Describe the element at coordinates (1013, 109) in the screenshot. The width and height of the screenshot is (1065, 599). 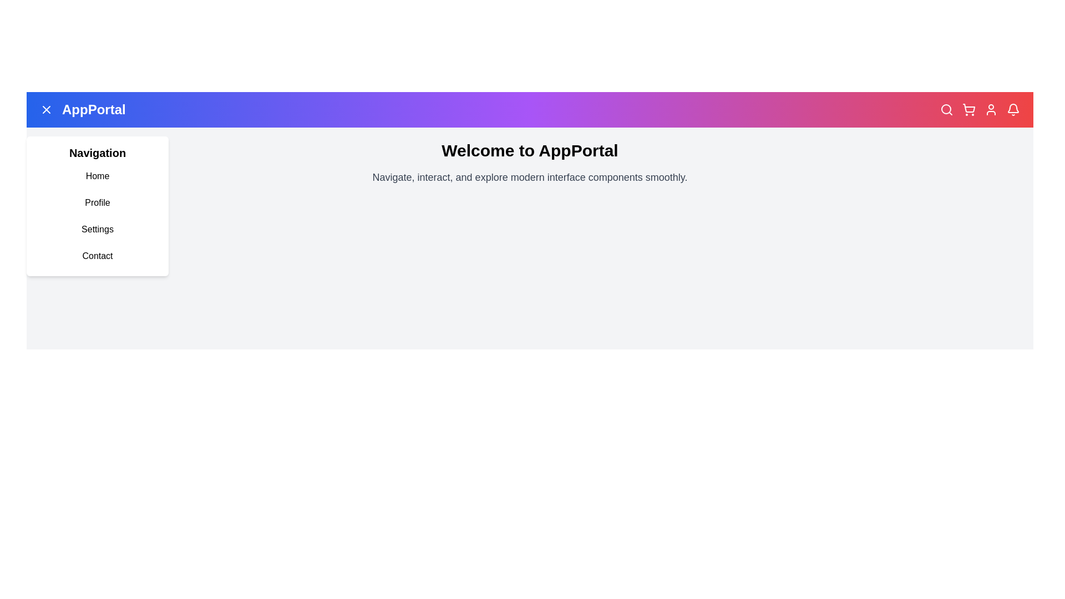
I see `the bell icon button located at the top right corner of the navigation bar` at that location.